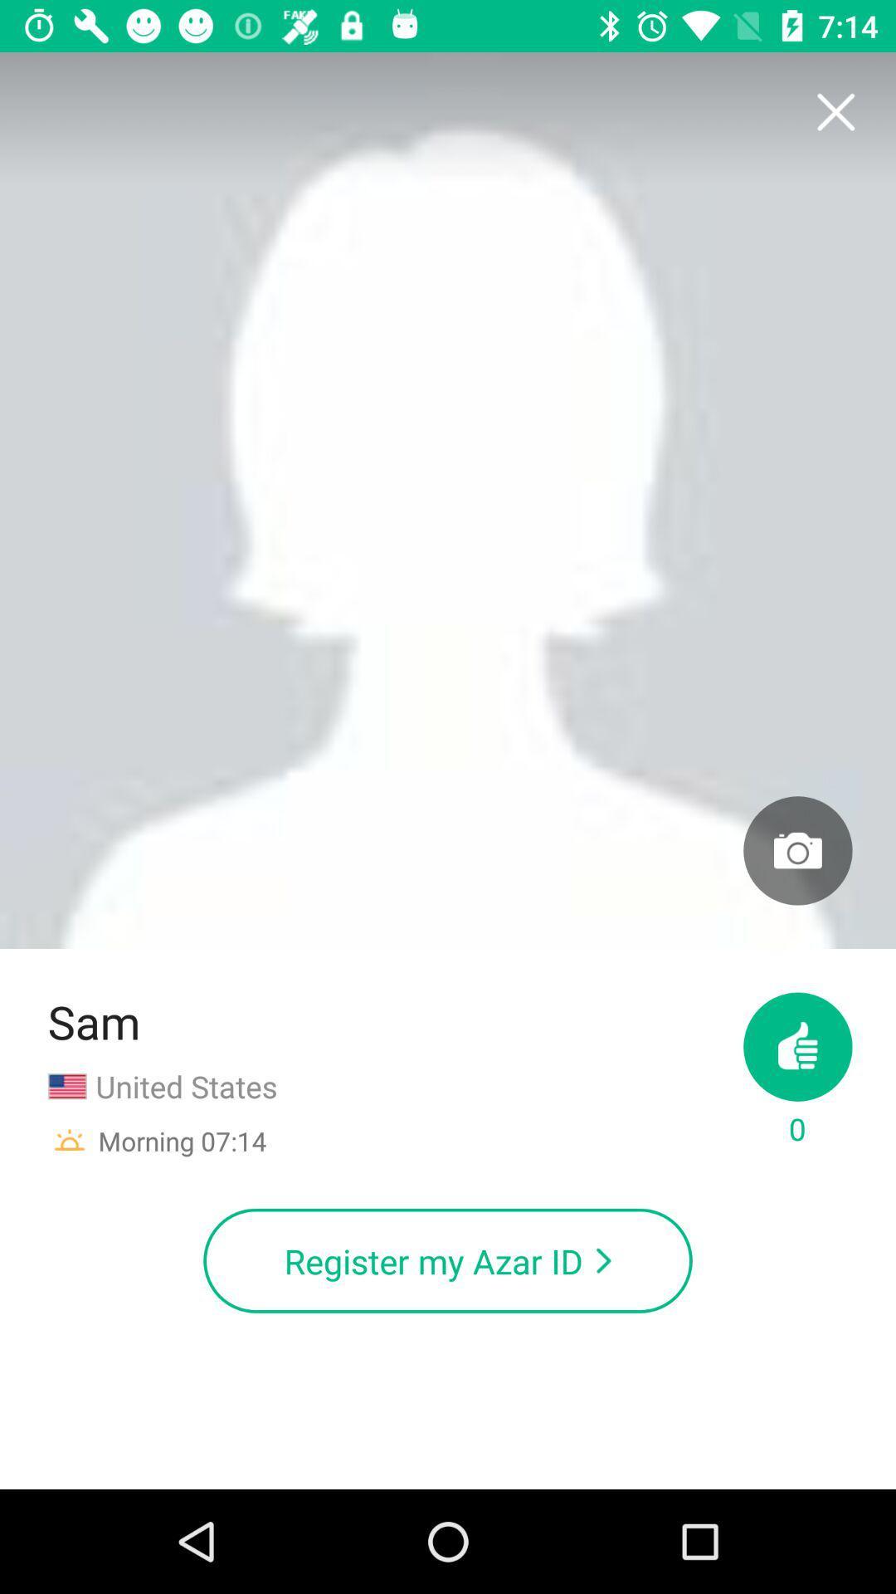 The height and width of the screenshot is (1594, 896). Describe the element at coordinates (835, 112) in the screenshot. I see `the close icon` at that location.